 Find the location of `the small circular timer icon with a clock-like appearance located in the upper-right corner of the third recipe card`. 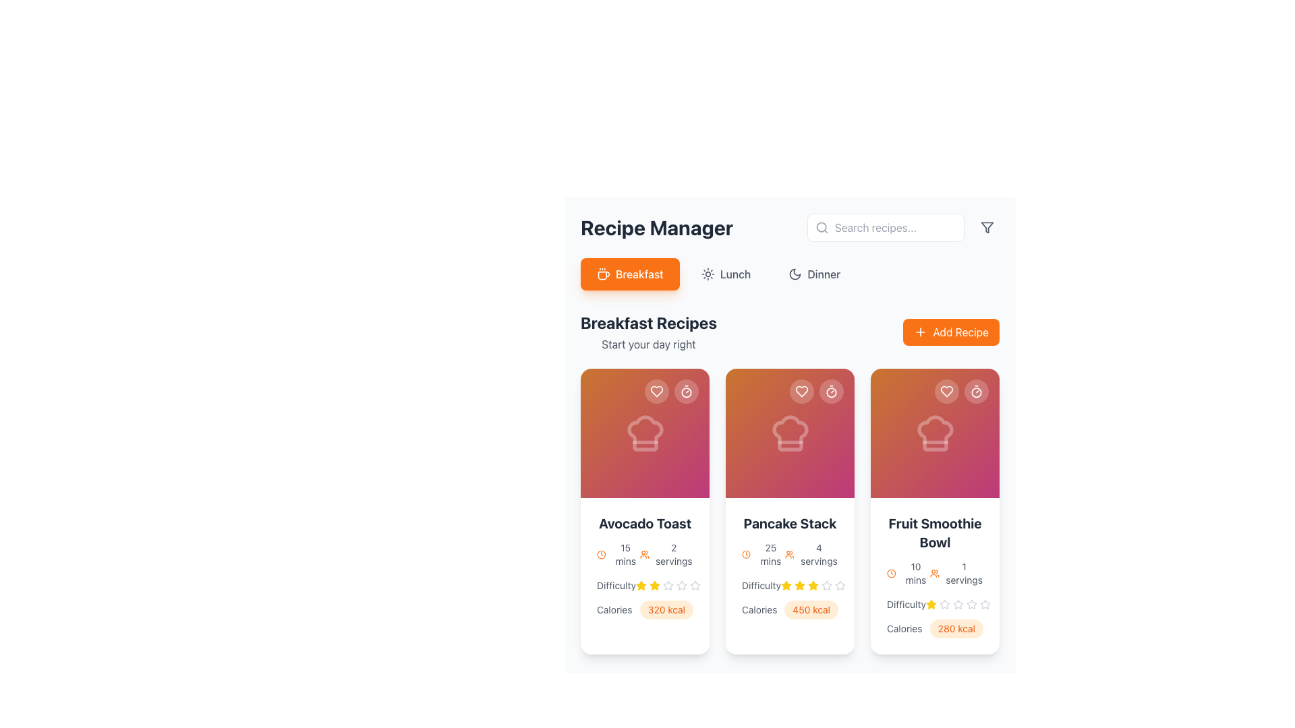

the small circular timer icon with a clock-like appearance located in the upper-right corner of the third recipe card is located at coordinates (977, 392).